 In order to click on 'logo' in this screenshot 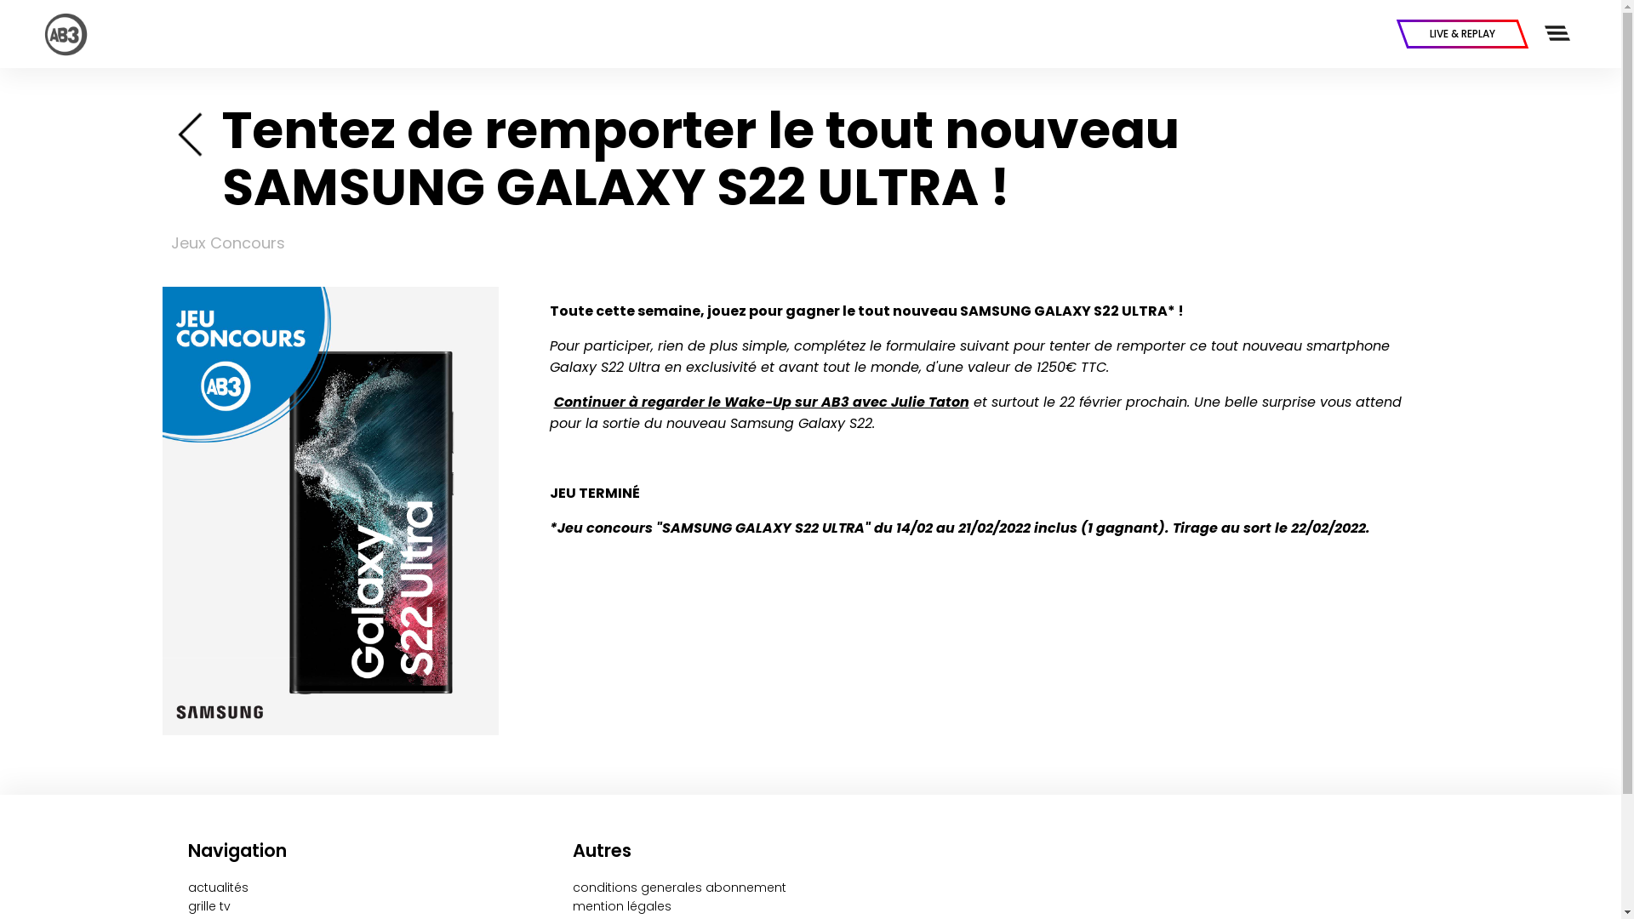, I will do `click(42, 33)`.